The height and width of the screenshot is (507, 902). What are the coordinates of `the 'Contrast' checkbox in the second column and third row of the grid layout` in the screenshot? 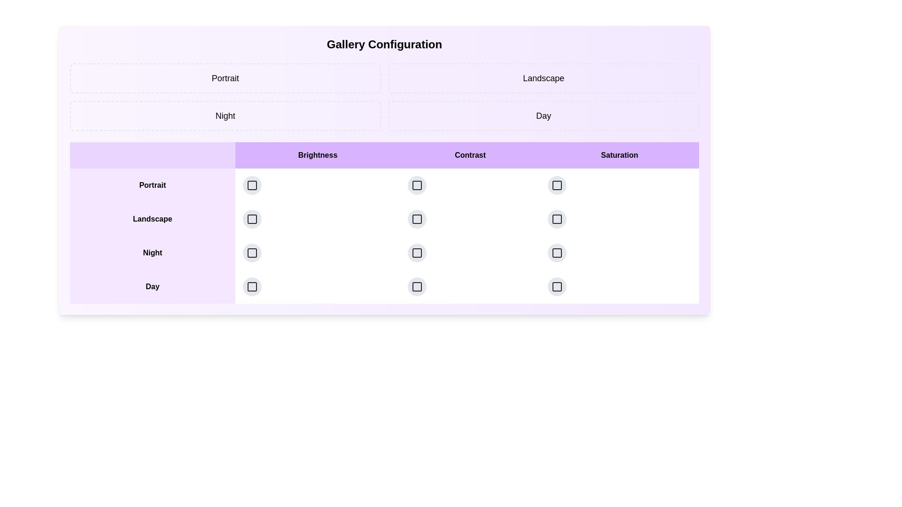 It's located at (417, 219).